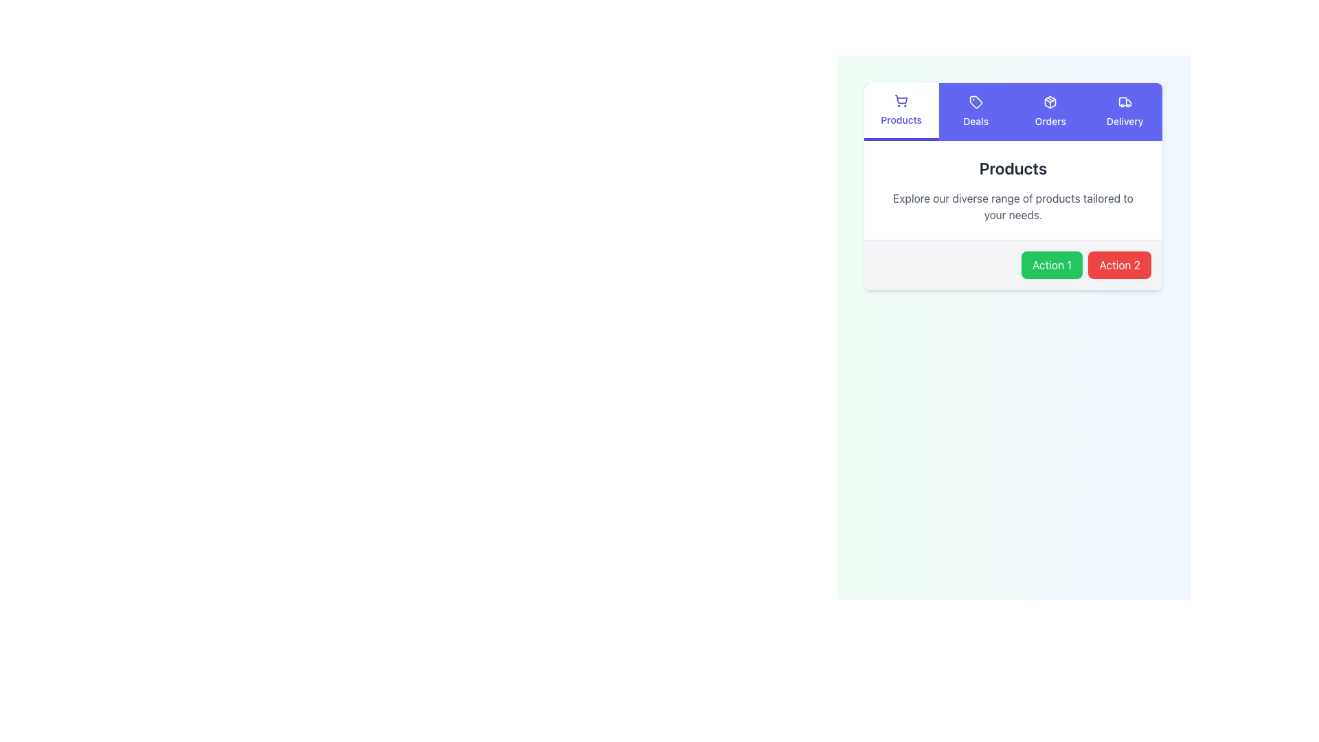 The width and height of the screenshot is (1319, 742). What do you see at coordinates (975, 111) in the screenshot?
I see `the Navigation item with an icon and text in the horizontal navigation bar` at bounding box center [975, 111].